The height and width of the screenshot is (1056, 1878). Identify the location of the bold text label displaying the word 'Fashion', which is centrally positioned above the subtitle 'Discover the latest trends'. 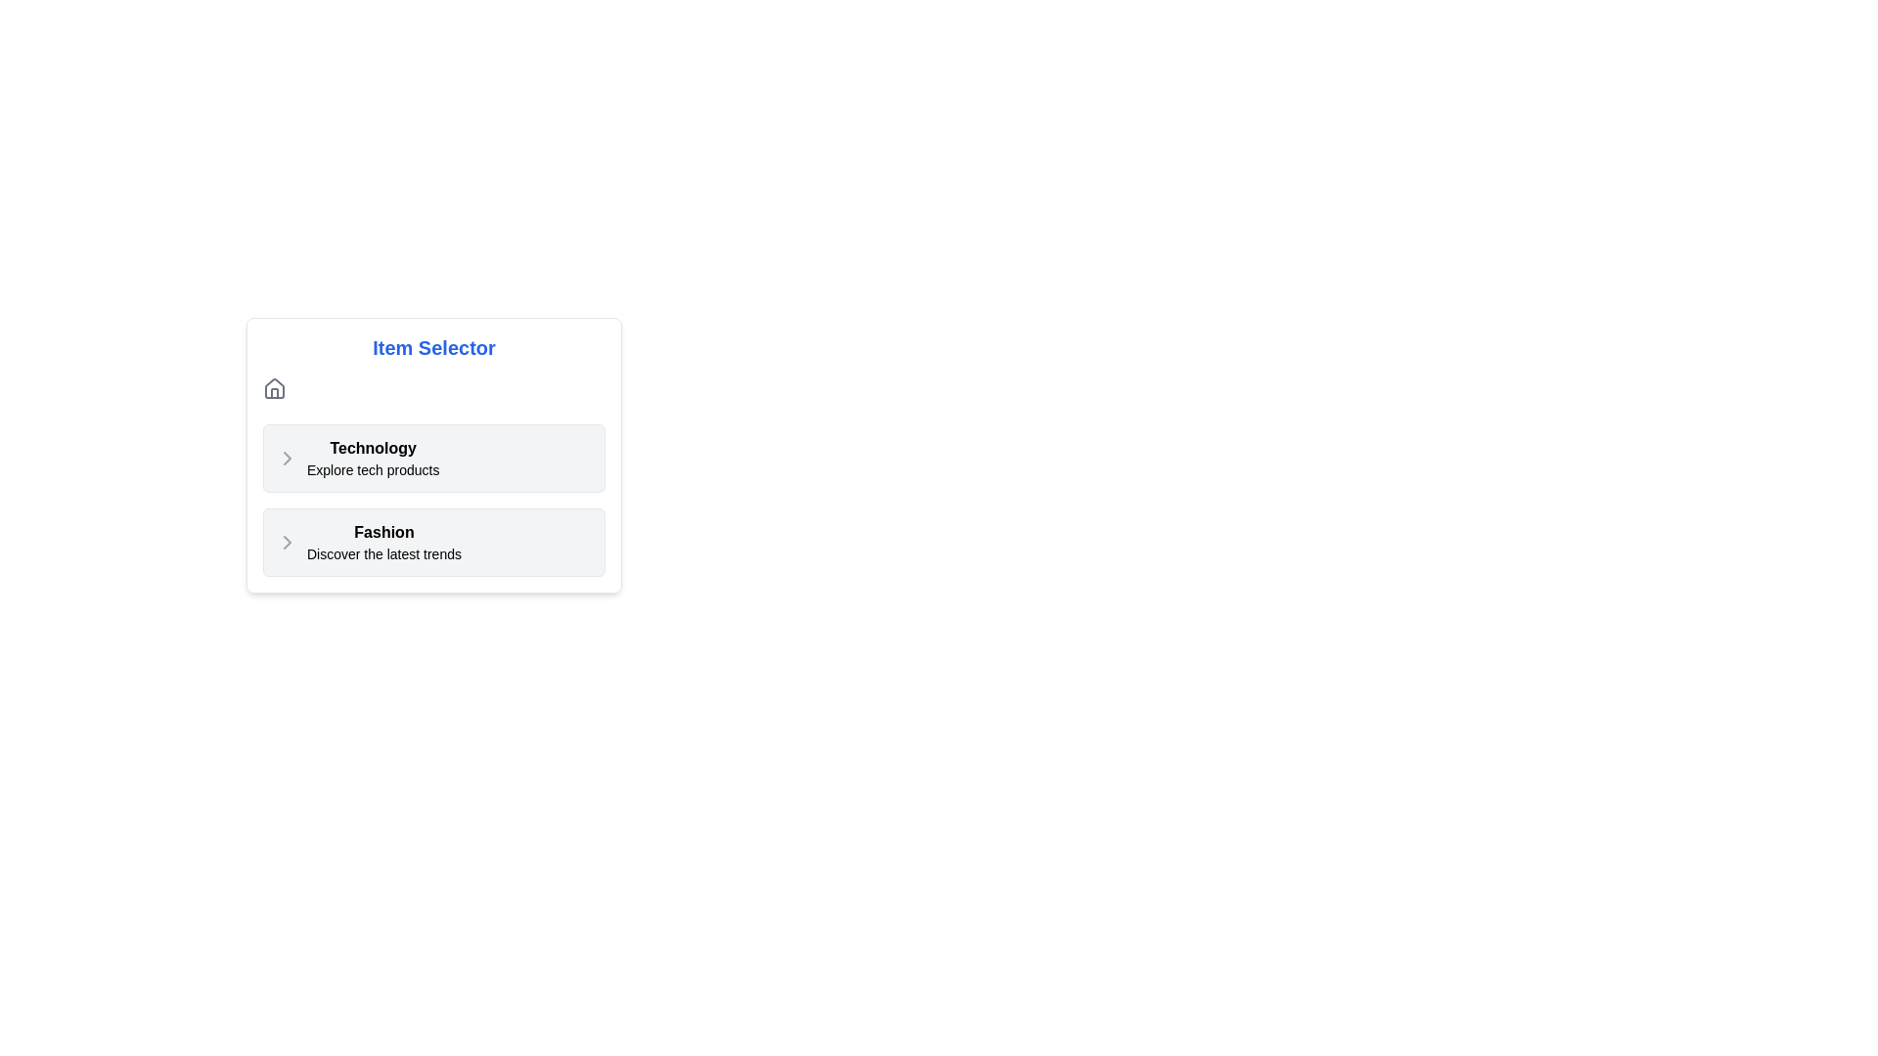
(384, 532).